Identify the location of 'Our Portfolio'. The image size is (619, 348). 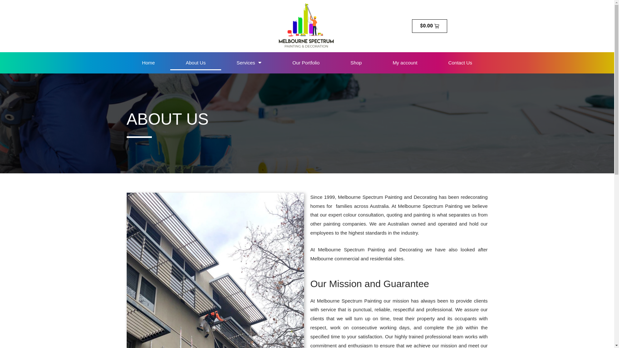
(306, 63).